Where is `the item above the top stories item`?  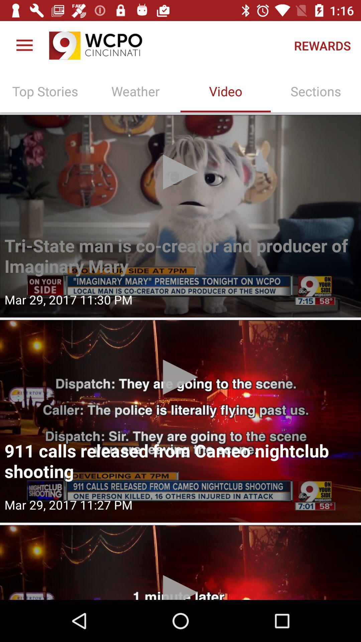
the item above the top stories item is located at coordinates (24, 45).